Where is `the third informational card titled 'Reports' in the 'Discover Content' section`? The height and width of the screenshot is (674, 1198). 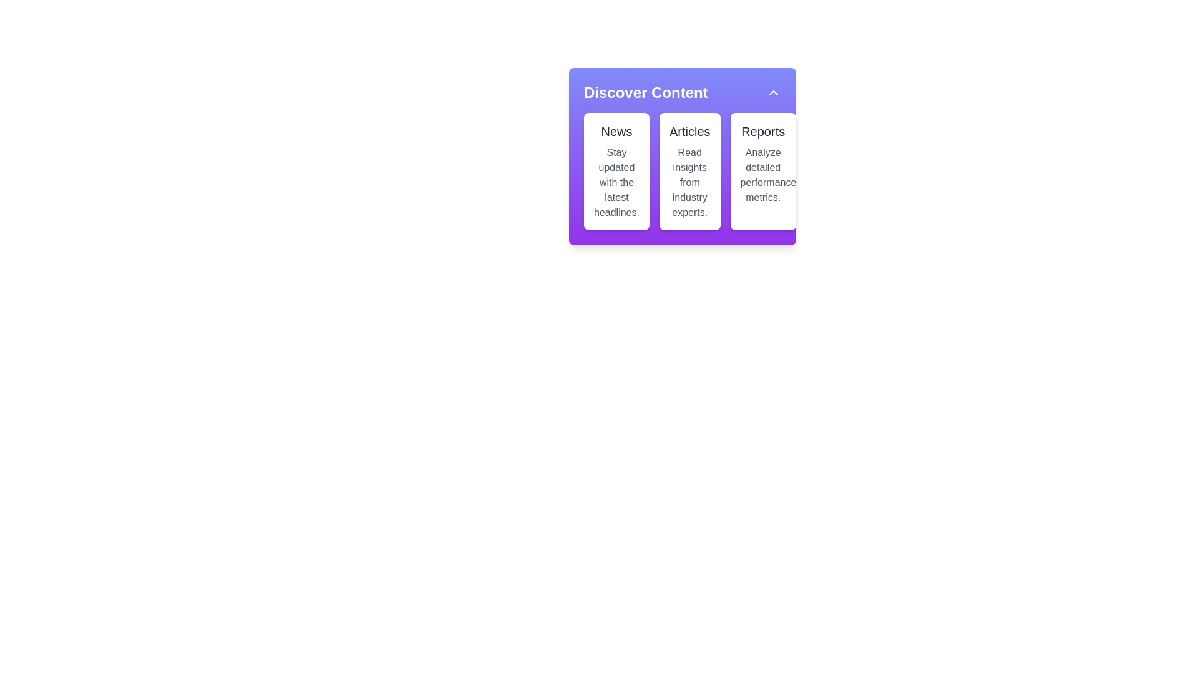
the third informational card titled 'Reports' in the 'Discover Content' section is located at coordinates (762, 171).